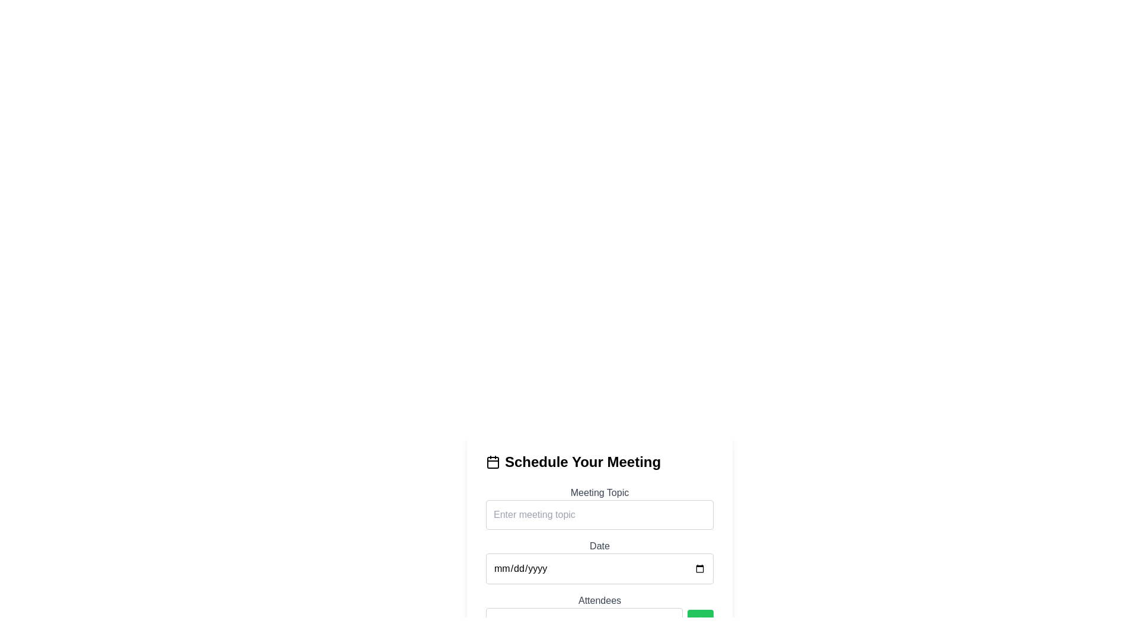  Describe the element at coordinates (700, 622) in the screenshot. I see `the 'Add' button located at the right end of the 'Attendees' field to initiate the addition of attendee information` at that location.